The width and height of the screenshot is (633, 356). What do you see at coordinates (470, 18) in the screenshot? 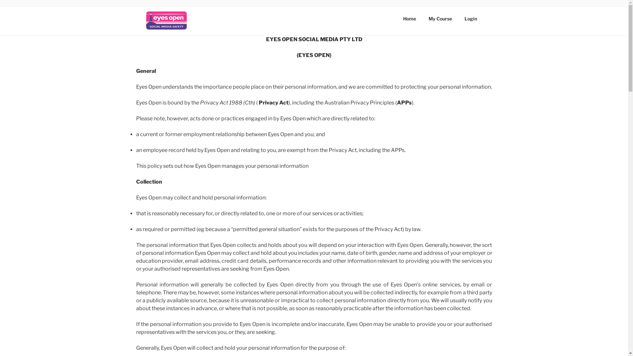
I see `'Login'` at bounding box center [470, 18].